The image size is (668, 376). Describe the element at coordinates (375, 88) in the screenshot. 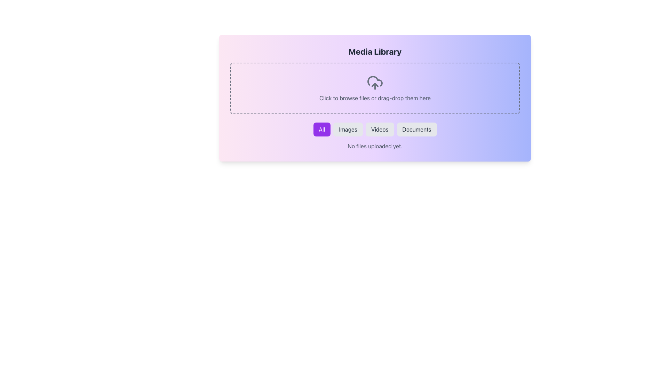

I see `and drop a file into the File upload area which has a pale gradient background and the text 'Click` at that location.